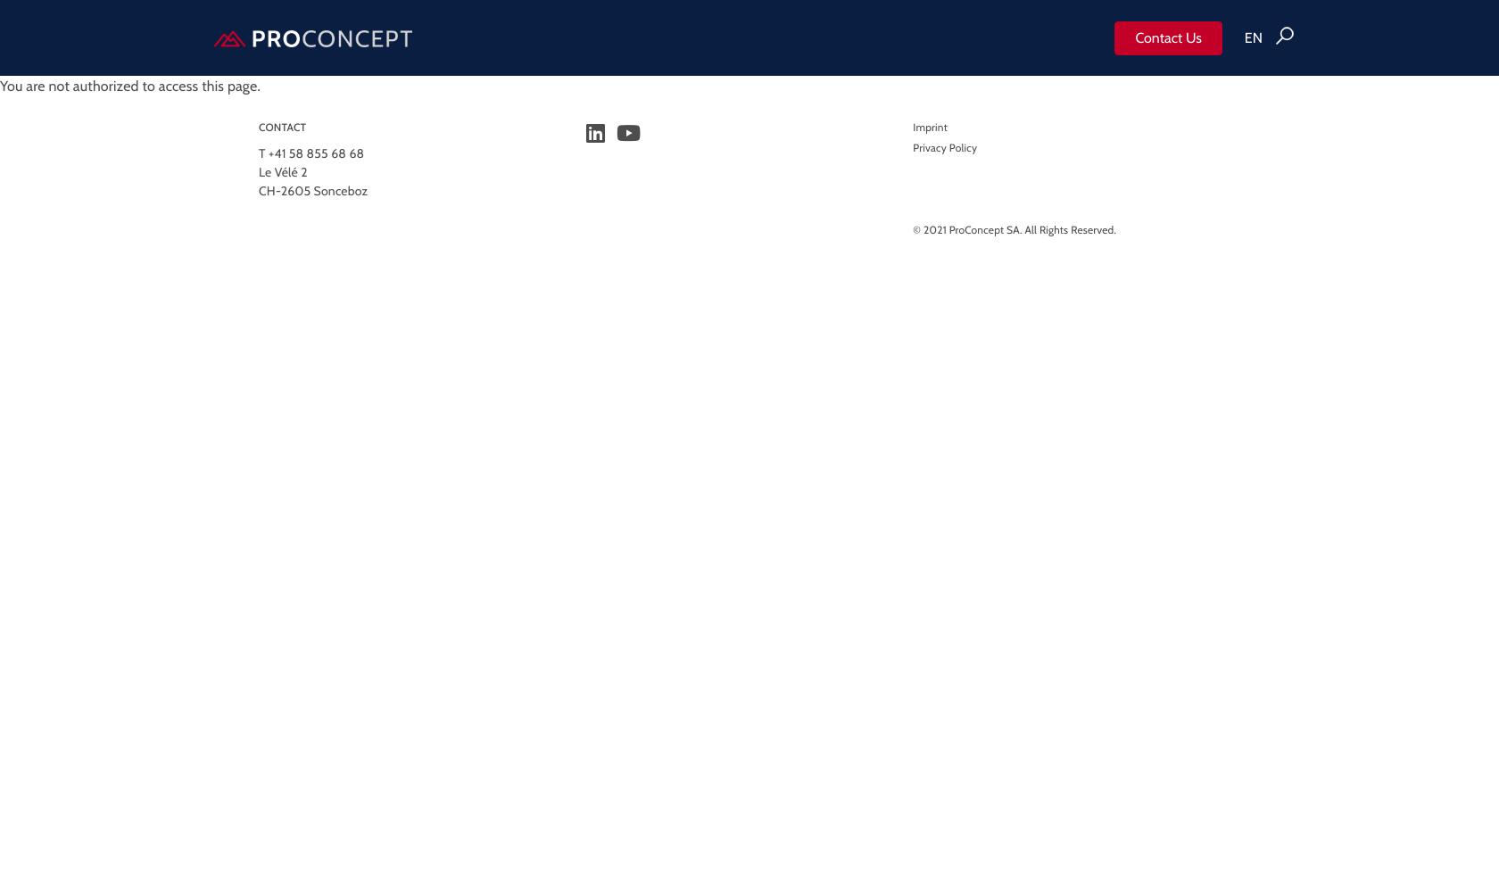 The image size is (1499, 892). I want to click on 'CONTACT', so click(282, 127).